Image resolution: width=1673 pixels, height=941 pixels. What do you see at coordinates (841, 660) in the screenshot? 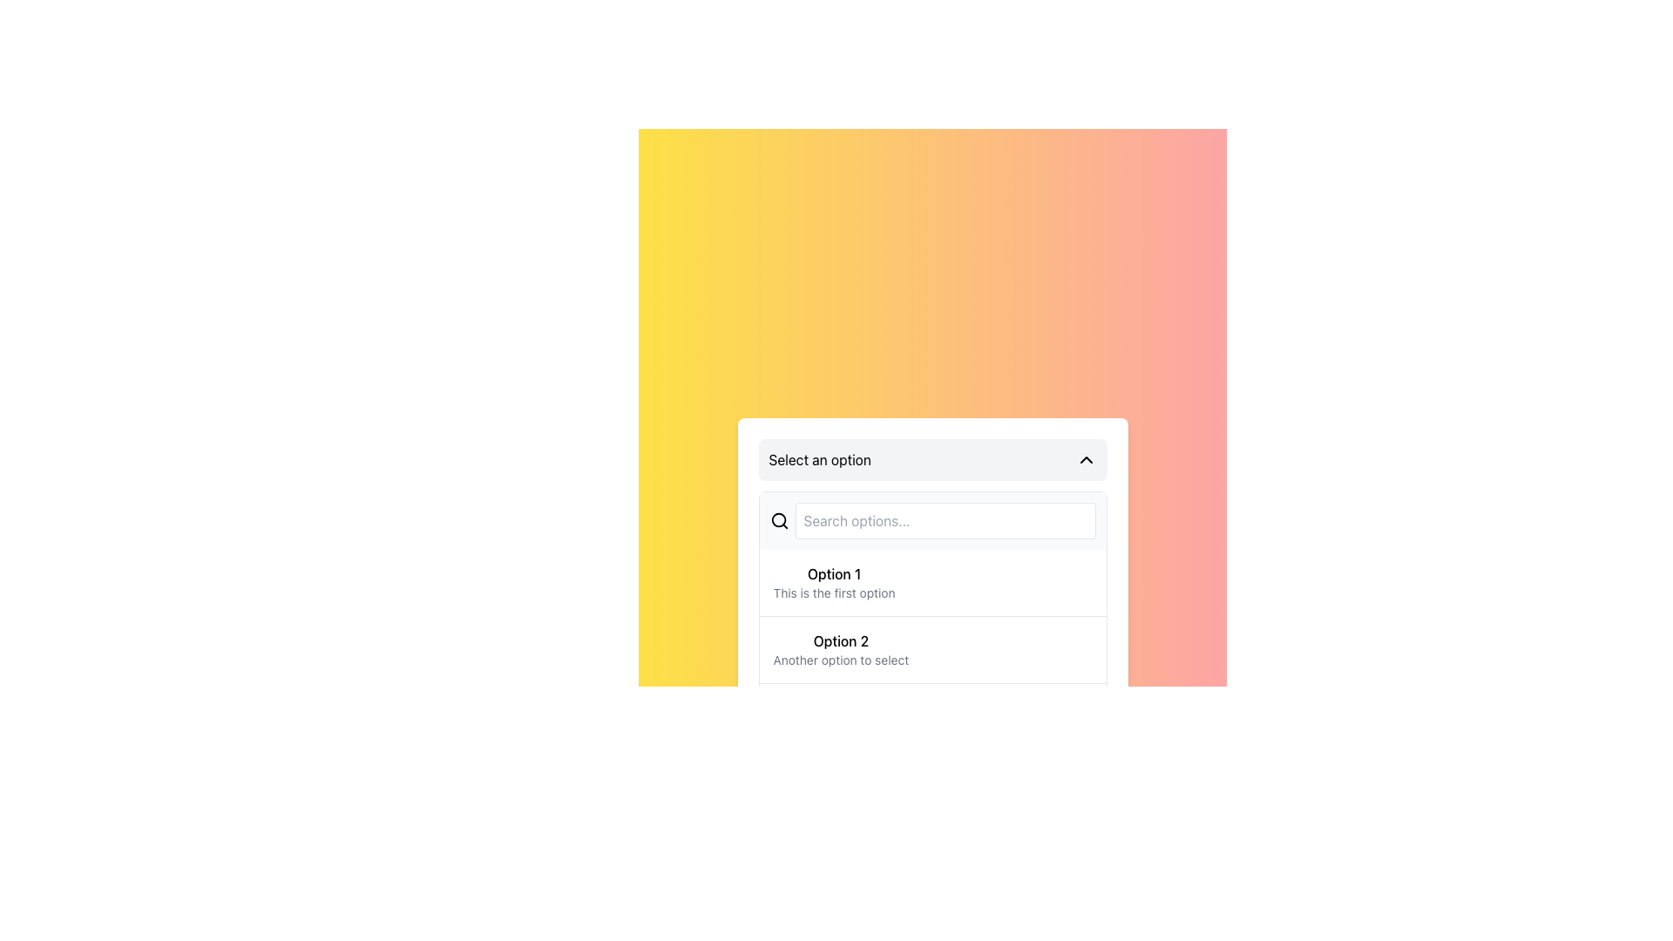
I see `the descriptive subtitle text label for 'Option 2' in the dropdown menu` at bounding box center [841, 660].